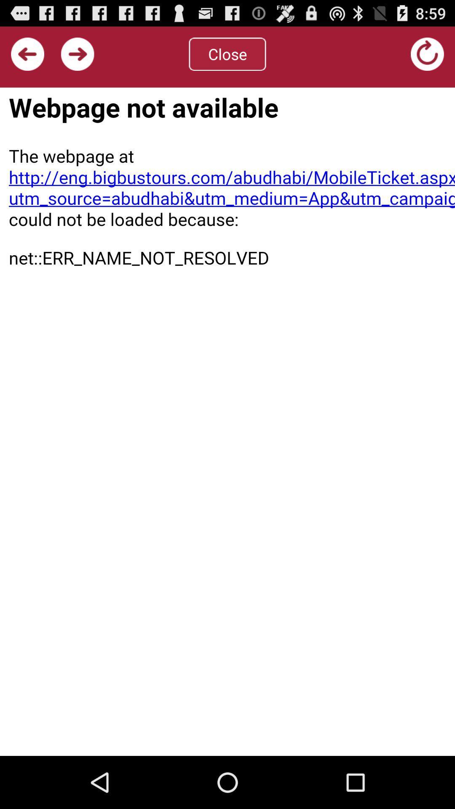  What do you see at coordinates (78, 54) in the screenshot?
I see `go forward` at bounding box center [78, 54].